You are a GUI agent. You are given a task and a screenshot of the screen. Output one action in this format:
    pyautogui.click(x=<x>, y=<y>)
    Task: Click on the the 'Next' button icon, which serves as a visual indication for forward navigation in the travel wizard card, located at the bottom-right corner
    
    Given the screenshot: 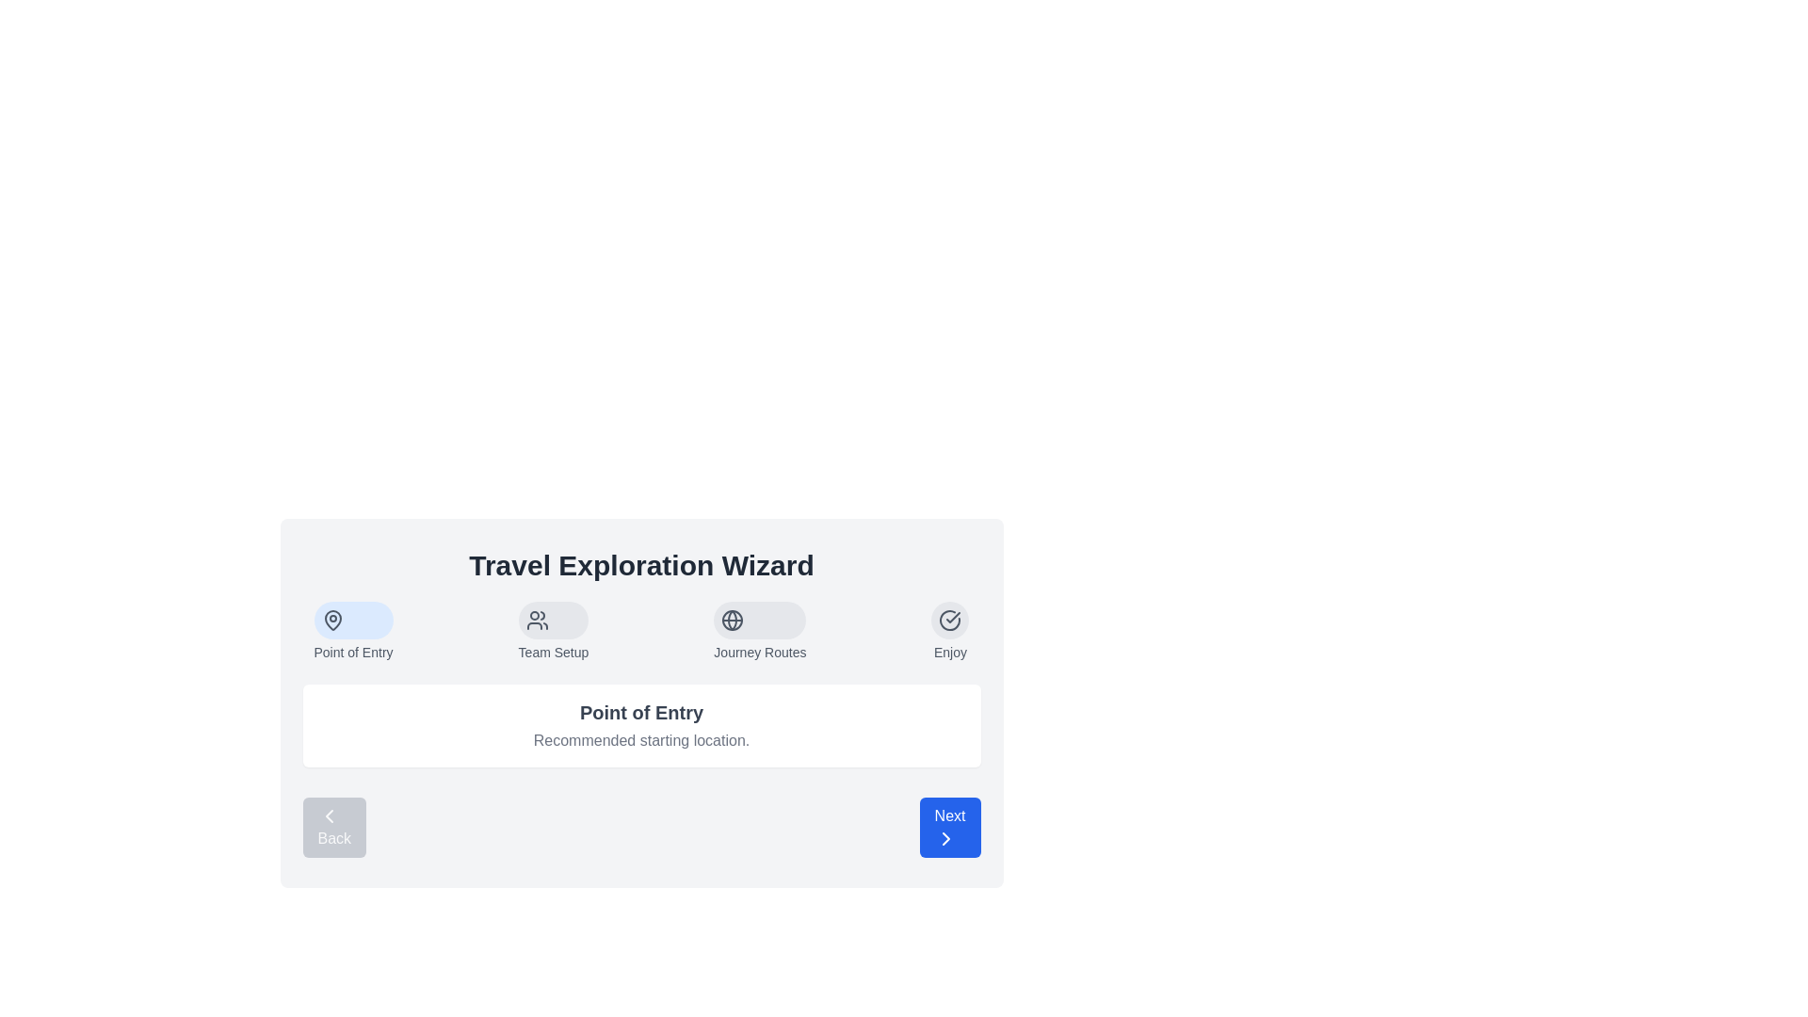 What is the action you would take?
    pyautogui.click(x=945, y=838)
    